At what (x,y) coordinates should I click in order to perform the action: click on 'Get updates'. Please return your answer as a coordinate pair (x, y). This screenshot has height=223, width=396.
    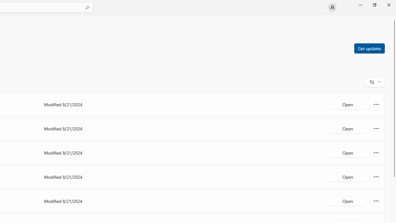
    Looking at the image, I should click on (369, 48).